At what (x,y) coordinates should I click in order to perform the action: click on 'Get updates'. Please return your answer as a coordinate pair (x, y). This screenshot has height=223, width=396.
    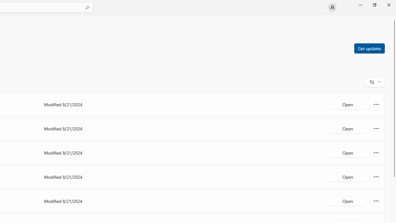
    Looking at the image, I should click on (369, 48).